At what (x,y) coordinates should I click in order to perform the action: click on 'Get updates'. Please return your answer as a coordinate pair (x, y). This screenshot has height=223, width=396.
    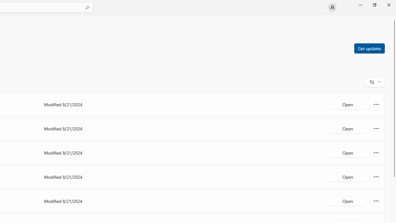
    Looking at the image, I should click on (369, 48).